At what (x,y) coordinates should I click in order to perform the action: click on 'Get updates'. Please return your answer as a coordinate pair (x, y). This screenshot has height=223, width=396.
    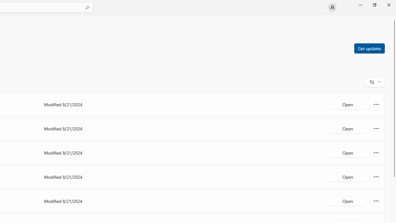
    Looking at the image, I should click on (369, 48).